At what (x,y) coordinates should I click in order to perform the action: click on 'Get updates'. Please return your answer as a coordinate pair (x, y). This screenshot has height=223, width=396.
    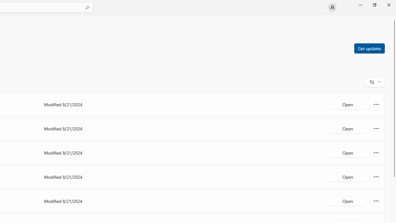
    Looking at the image, I should click on (369, 48).